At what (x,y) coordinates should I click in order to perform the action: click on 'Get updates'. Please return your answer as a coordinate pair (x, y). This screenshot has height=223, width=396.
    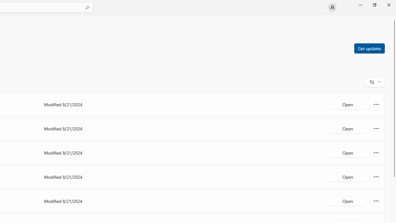
    Looking at the image, I should click on (369, 48).